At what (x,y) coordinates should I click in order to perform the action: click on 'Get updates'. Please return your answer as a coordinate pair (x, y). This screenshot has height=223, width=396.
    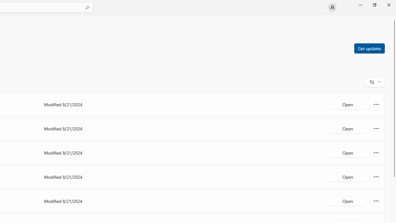
    Looking at the image, I should click on (369, 48).